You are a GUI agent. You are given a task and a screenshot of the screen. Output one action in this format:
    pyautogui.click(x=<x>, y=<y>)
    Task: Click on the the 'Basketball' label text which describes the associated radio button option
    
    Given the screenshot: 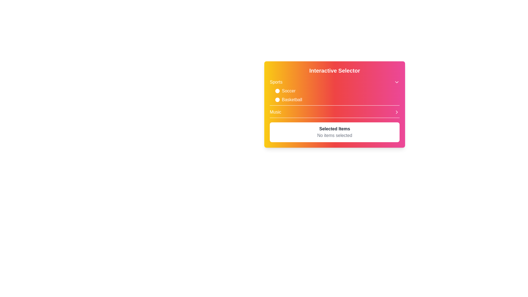 What is the action you would take?
    pyautogui.click(x=291, y=100)
    